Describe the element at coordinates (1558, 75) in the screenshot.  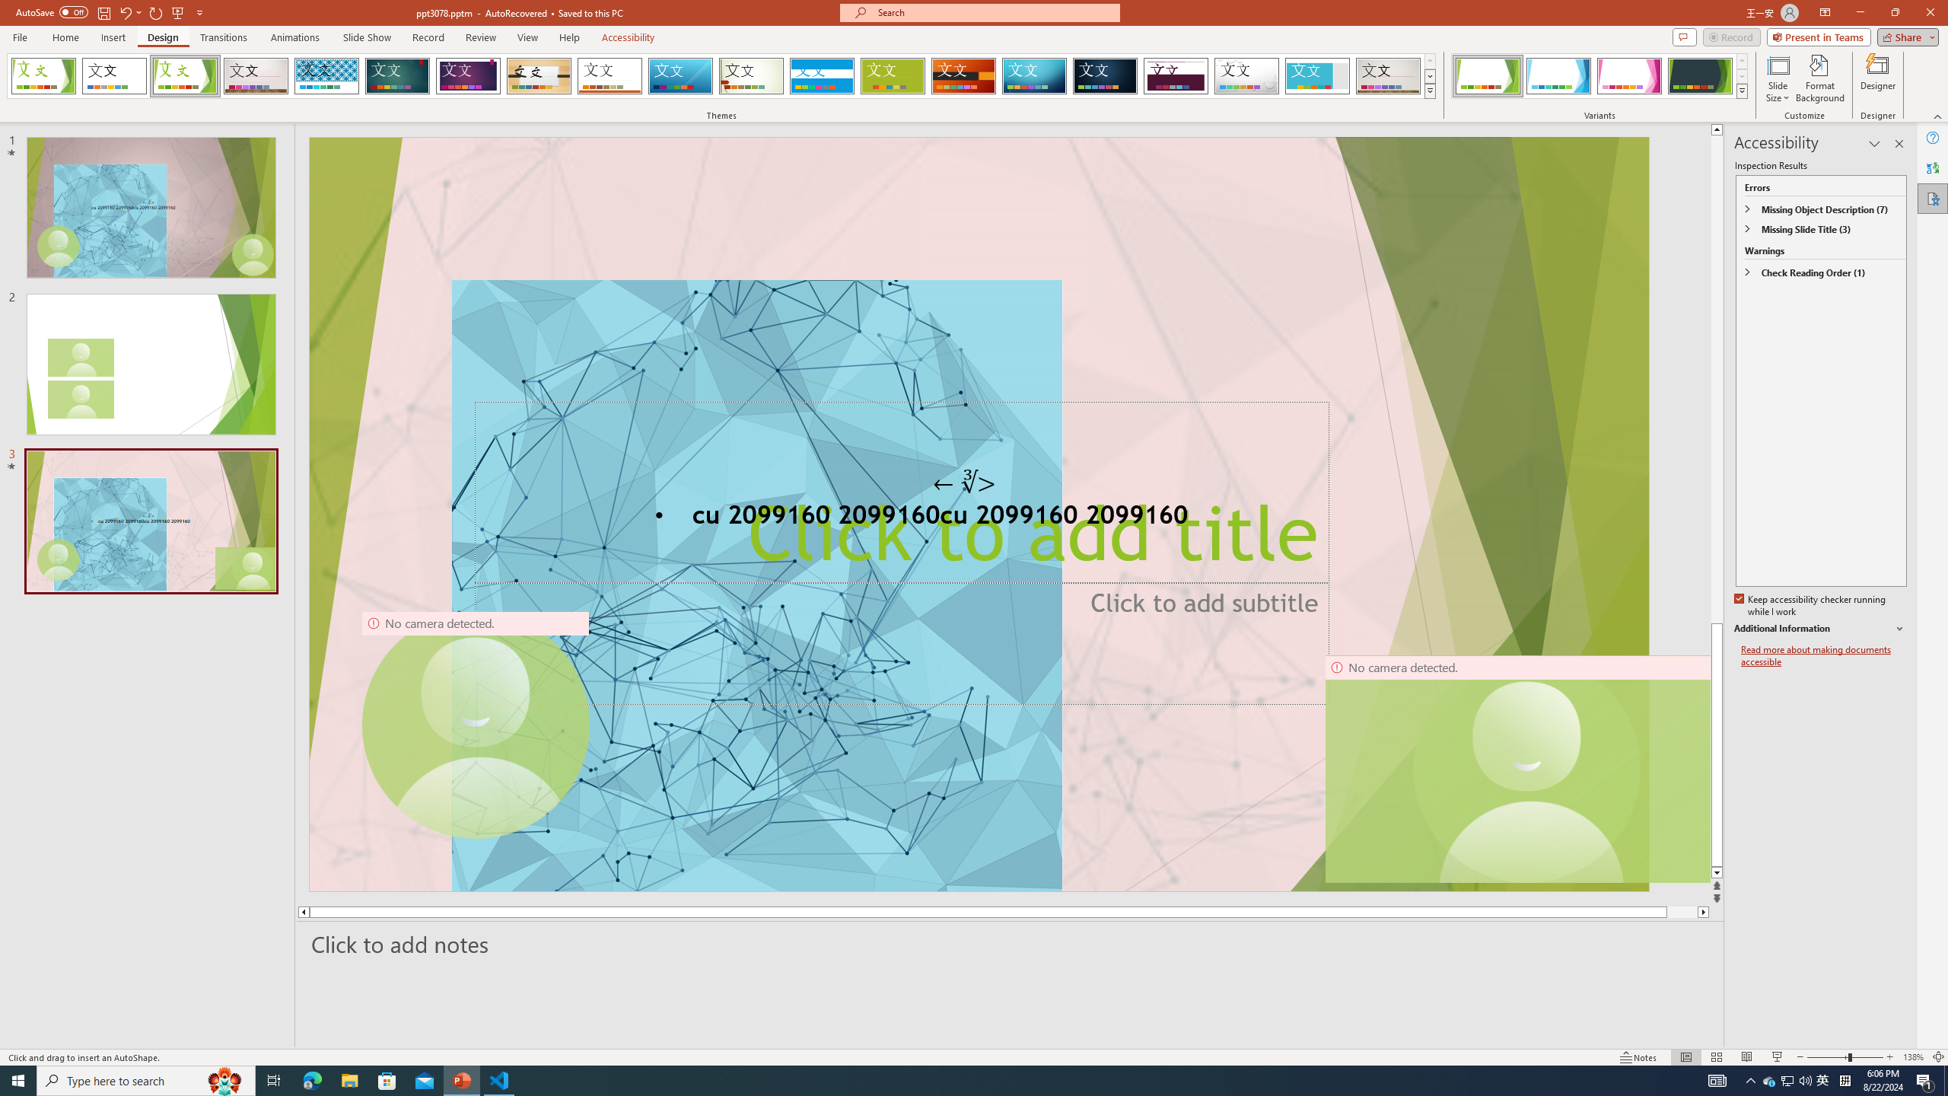
I see `'Facet Variant 2'` at that location.